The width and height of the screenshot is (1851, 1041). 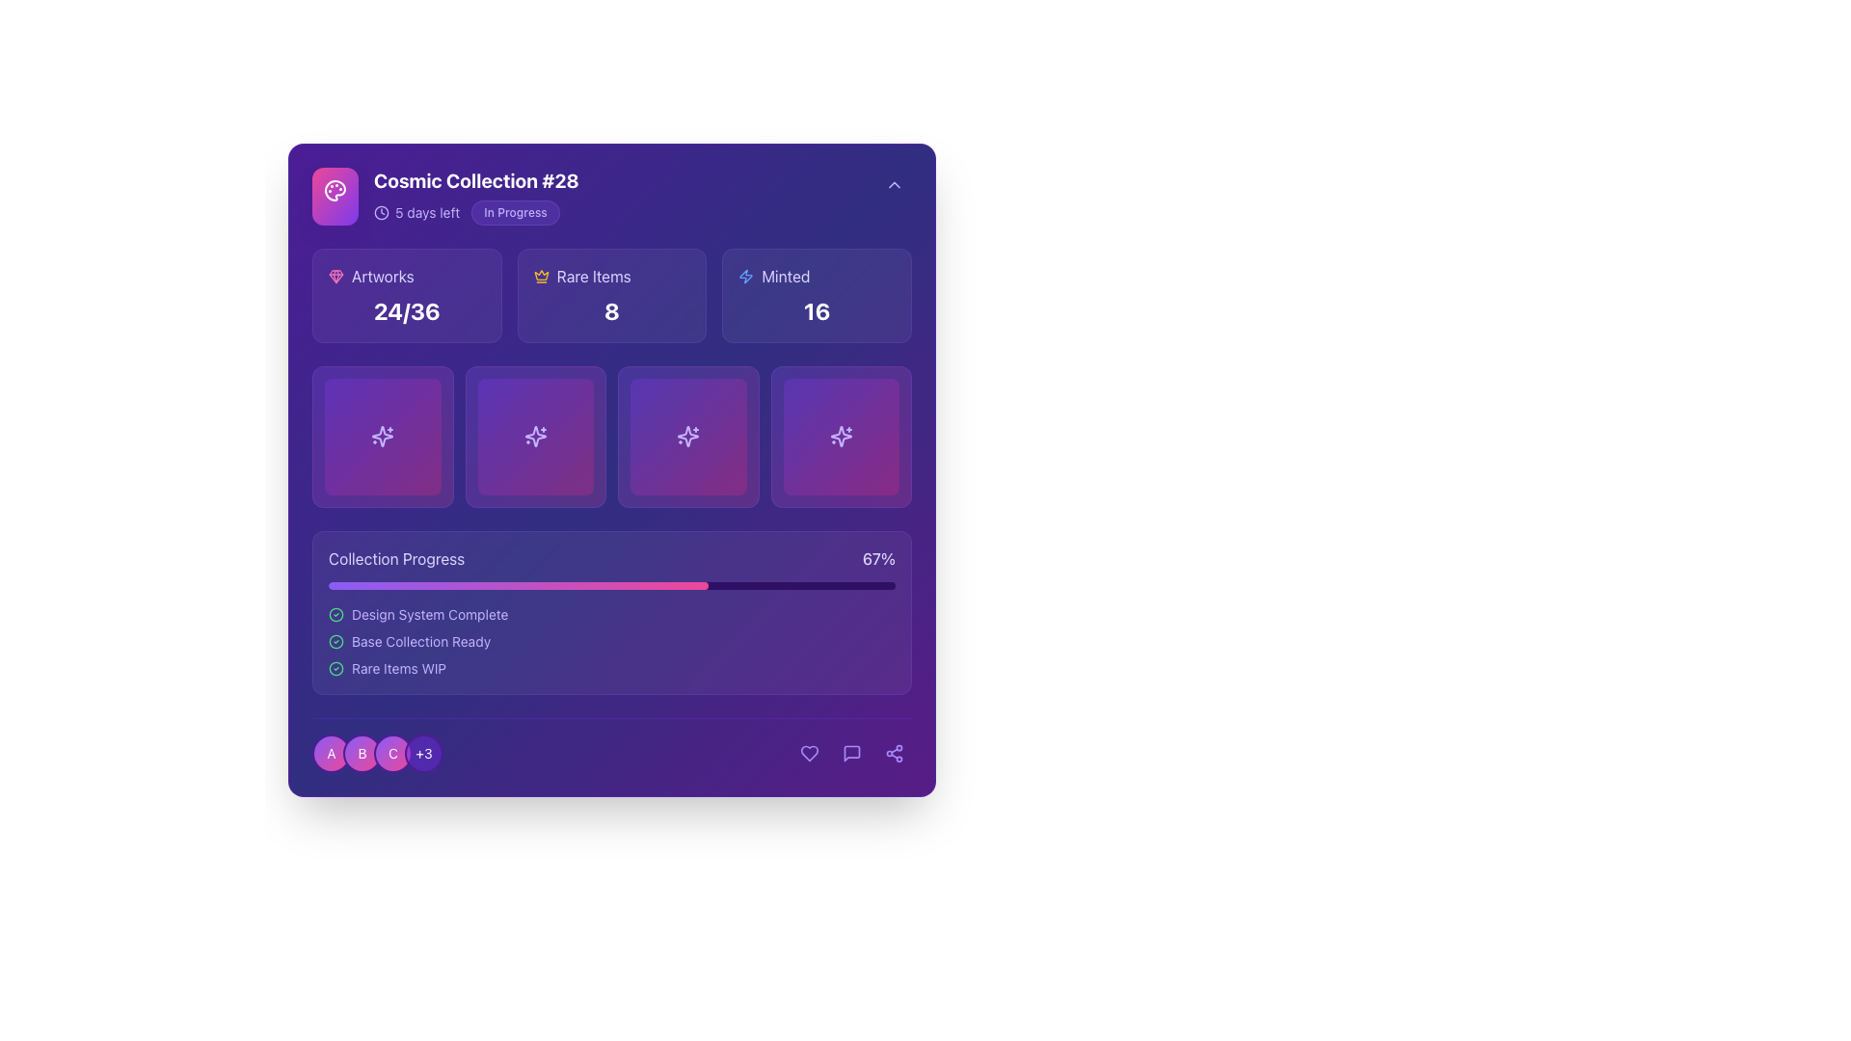 I want to click on numeric indicator displayed in the bottom-right corner of the 'Rare Items' card, which shows the count of rare items, so click(x=610, y=310).